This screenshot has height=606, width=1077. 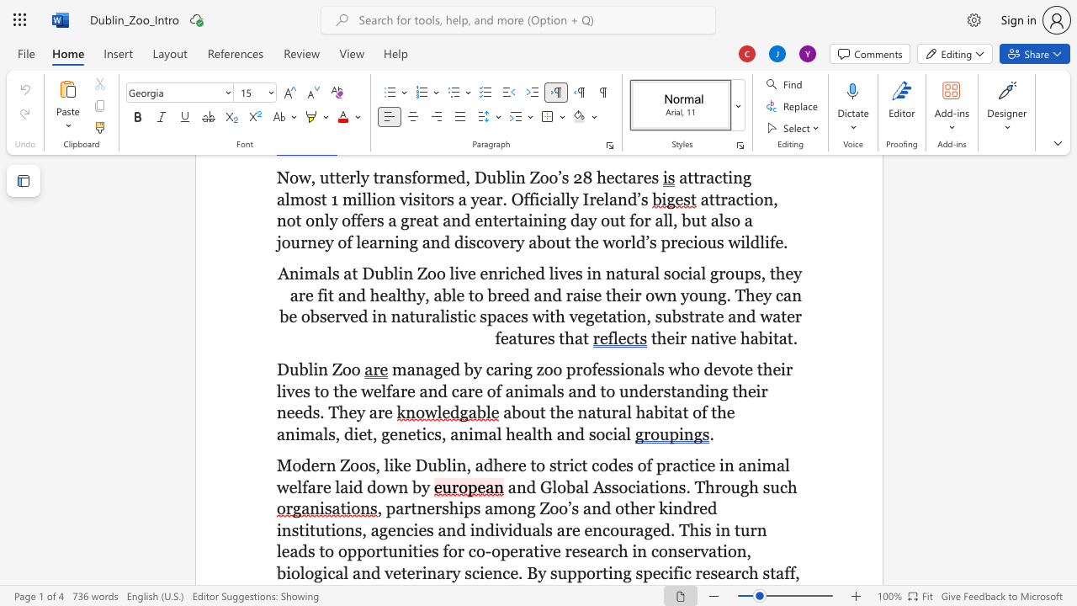 I want to click on the 1th character "u" in the text, so click(x=294, y=369).